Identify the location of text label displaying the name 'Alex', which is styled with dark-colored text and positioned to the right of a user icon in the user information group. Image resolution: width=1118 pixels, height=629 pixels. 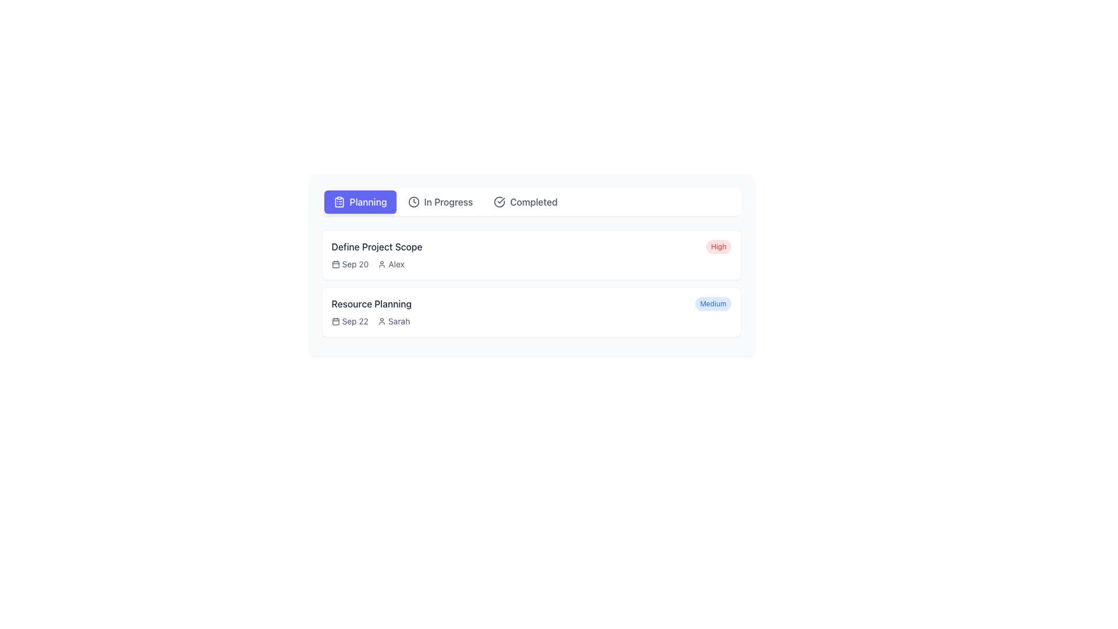
(397, 264).